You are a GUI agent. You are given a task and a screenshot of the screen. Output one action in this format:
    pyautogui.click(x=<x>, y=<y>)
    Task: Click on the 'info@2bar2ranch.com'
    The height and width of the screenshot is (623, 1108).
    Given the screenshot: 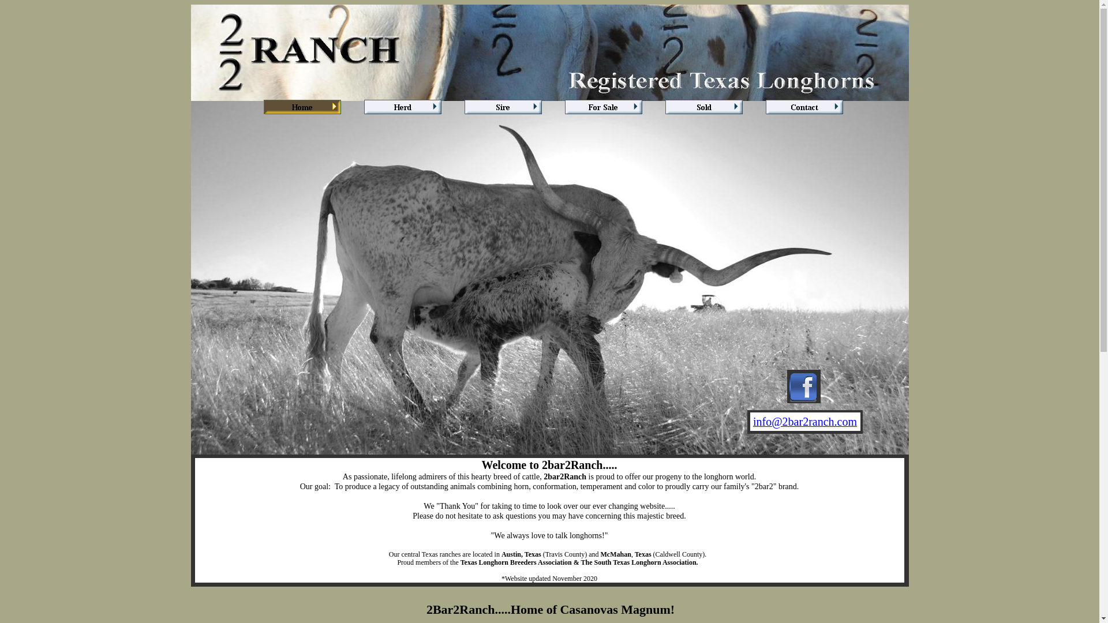 What is the action you would take?
    pyautogui.click(x=804, y=422)
    